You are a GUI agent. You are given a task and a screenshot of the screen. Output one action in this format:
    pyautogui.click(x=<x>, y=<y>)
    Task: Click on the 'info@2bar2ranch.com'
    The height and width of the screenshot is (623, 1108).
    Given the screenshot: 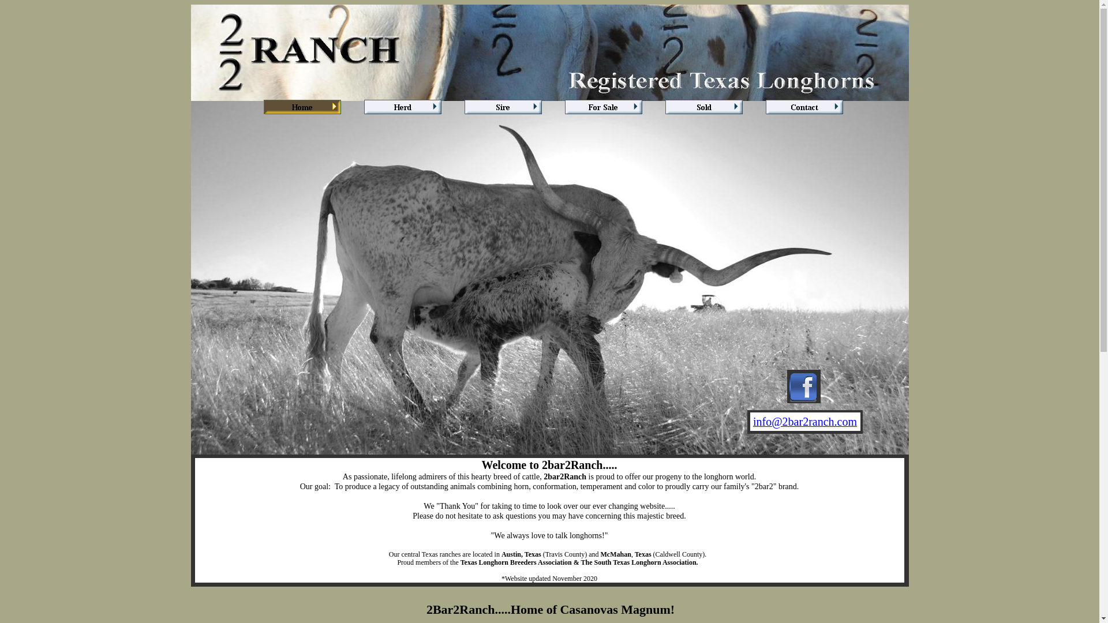 What is the action you would take?
    pyautogui.click(x=804, y=422)
    